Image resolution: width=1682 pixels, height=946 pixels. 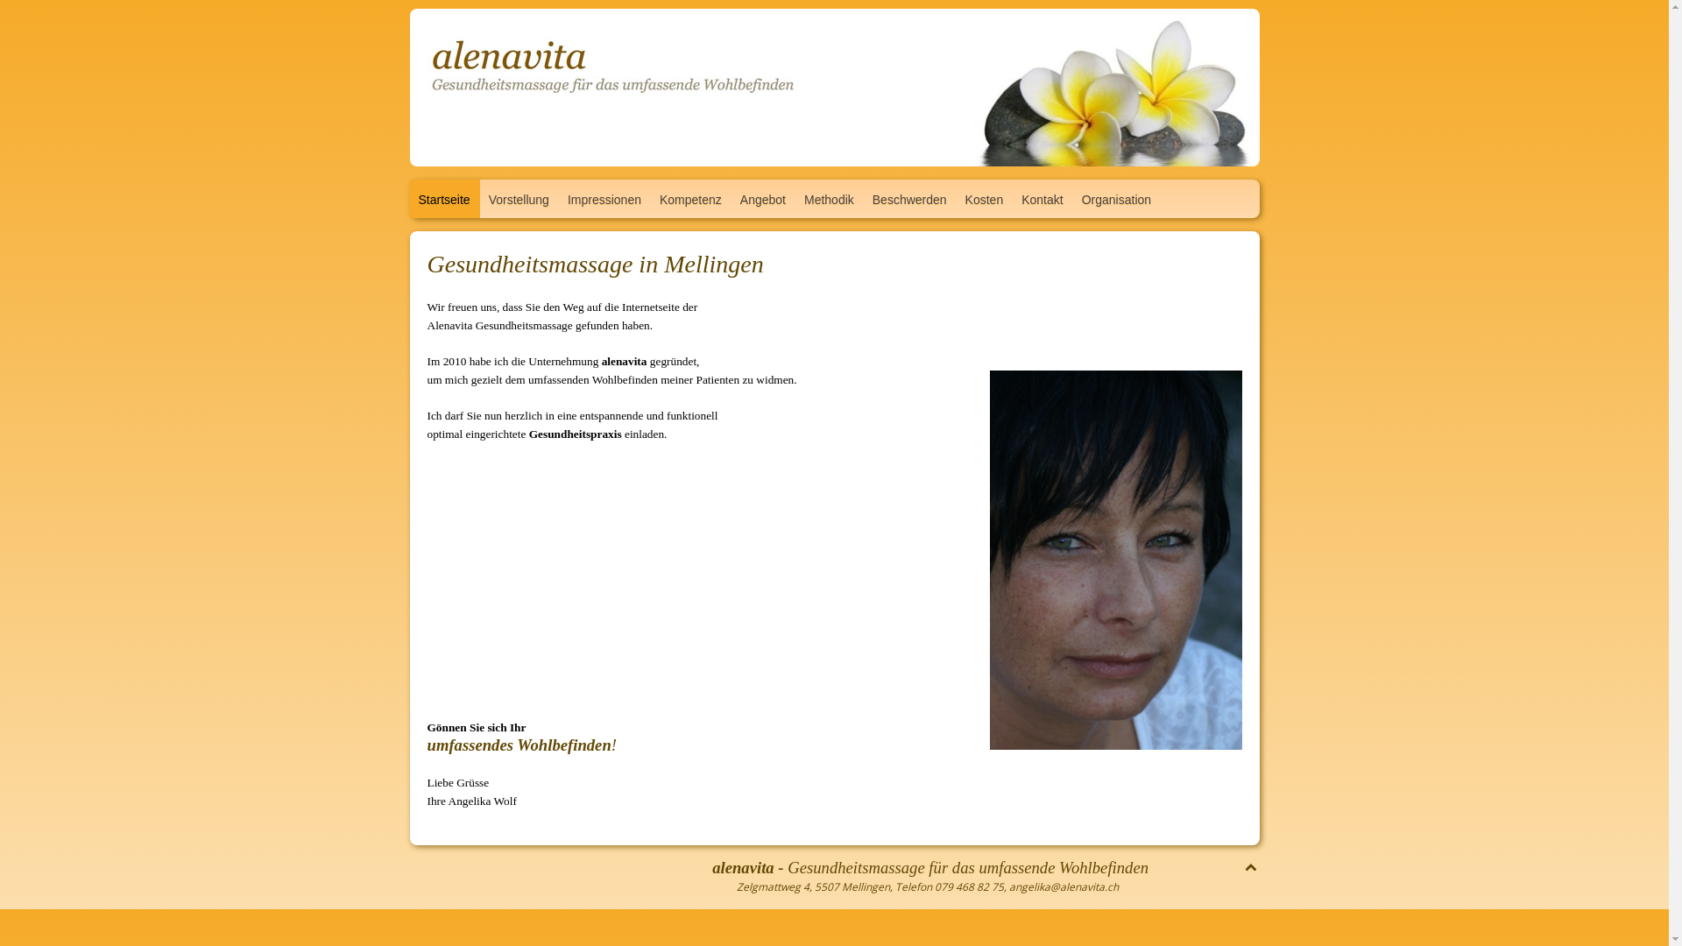 I want to click on 'angelika@alenavita.ch', so click(x=1009, y=886).